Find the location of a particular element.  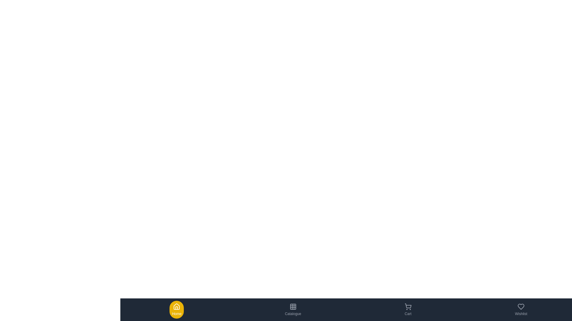

the button labeled Catalogue to observe its hover effect is located at coordinates (293, 309).